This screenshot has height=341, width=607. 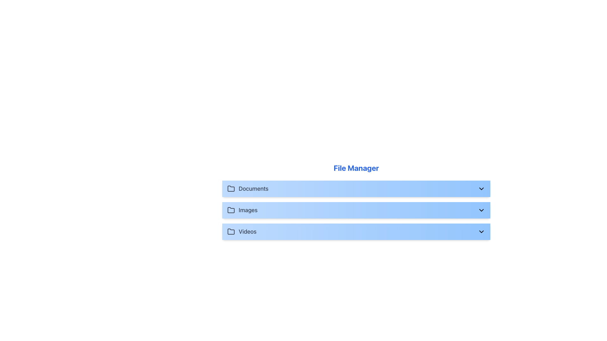 What do you see at coordinates (356, 204) in the screenshot?
I see `the downward-pointing chevron icon on the 'Images' folder tab` at bounding box center [356, 204].